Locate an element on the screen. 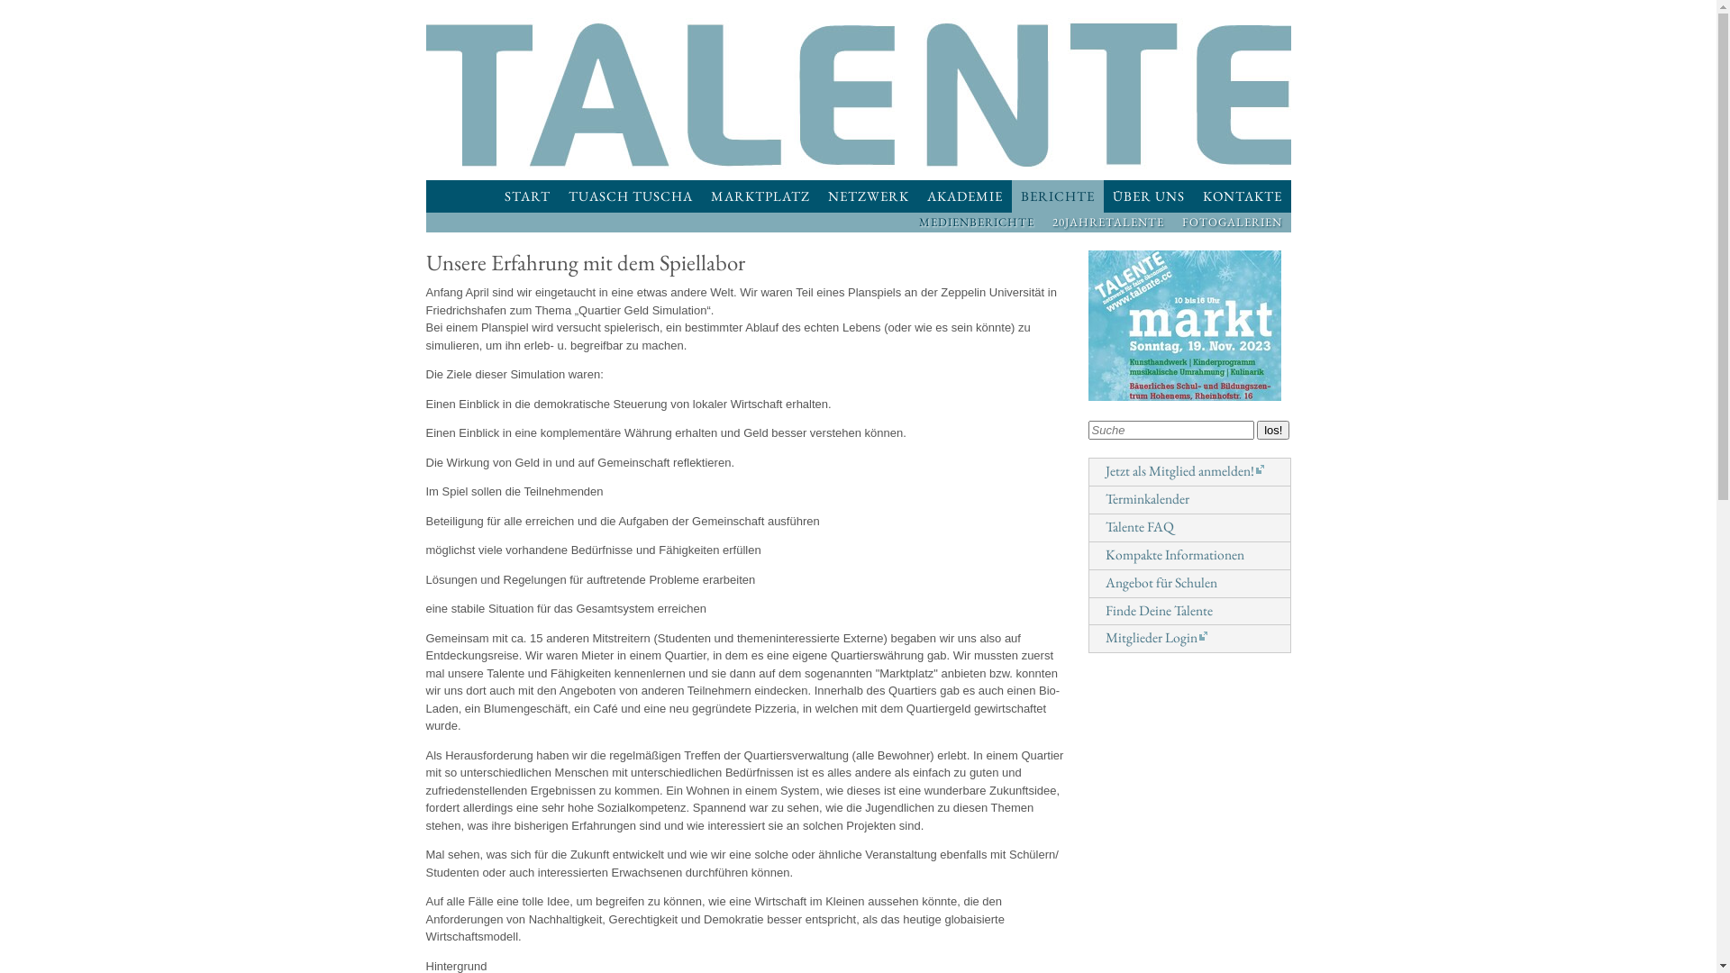 This screenshot has height=973, width=1730. 'MARKTPLATZ' is located at coordinates (760, 196).